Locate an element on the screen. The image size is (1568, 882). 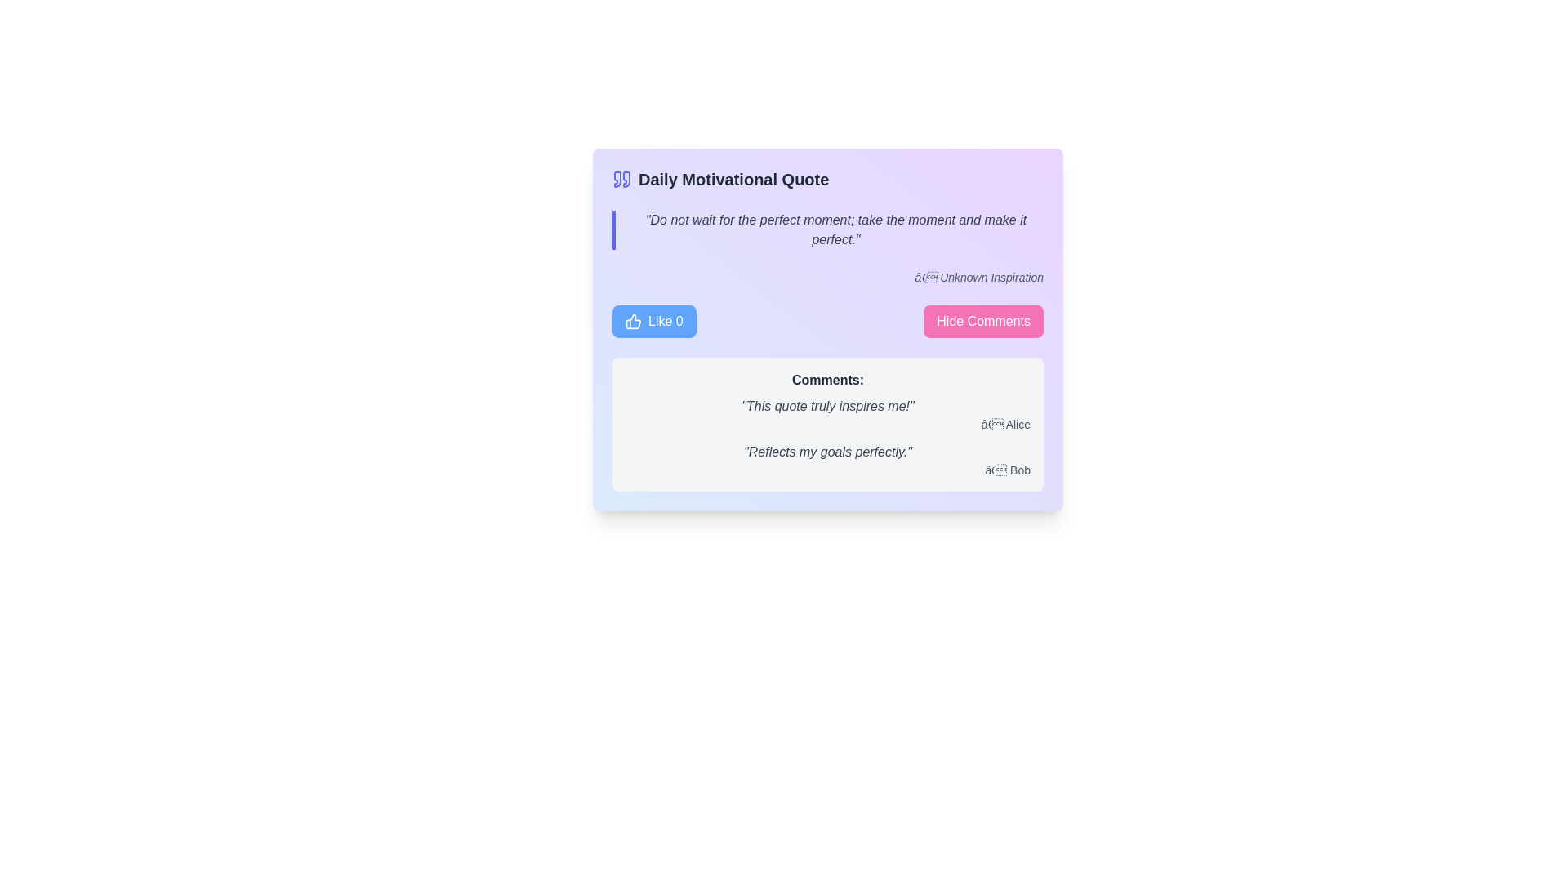
the right portion of the double-quote icon, which is indigo-colored and part of a quote graphic, adjacent to the title 'Daily Motivational Quote' is located at coordinates (626, 179).